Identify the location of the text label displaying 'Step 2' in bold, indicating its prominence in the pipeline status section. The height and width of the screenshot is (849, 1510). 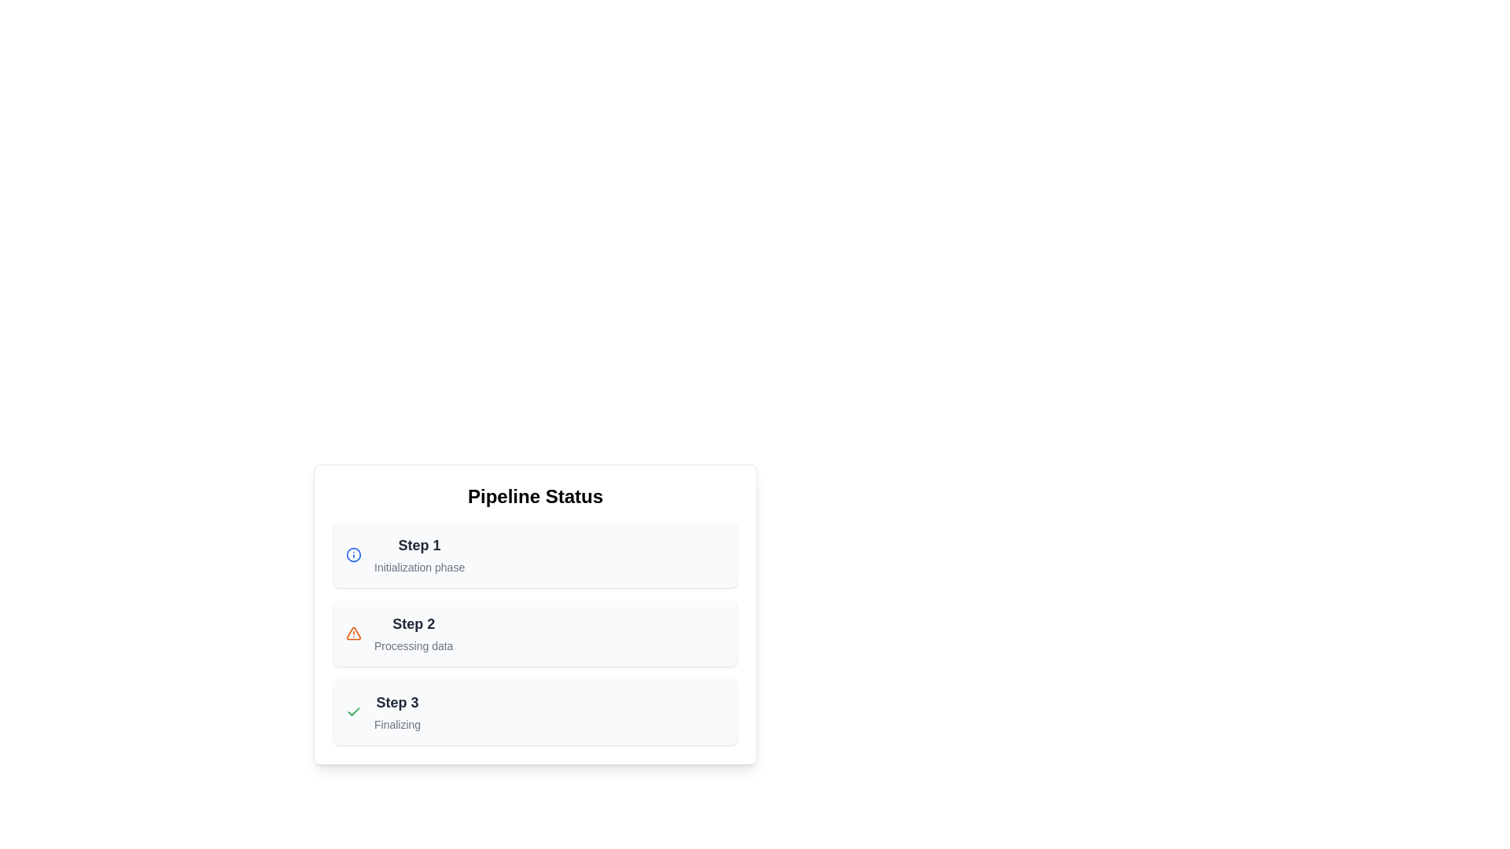
(414, 623).